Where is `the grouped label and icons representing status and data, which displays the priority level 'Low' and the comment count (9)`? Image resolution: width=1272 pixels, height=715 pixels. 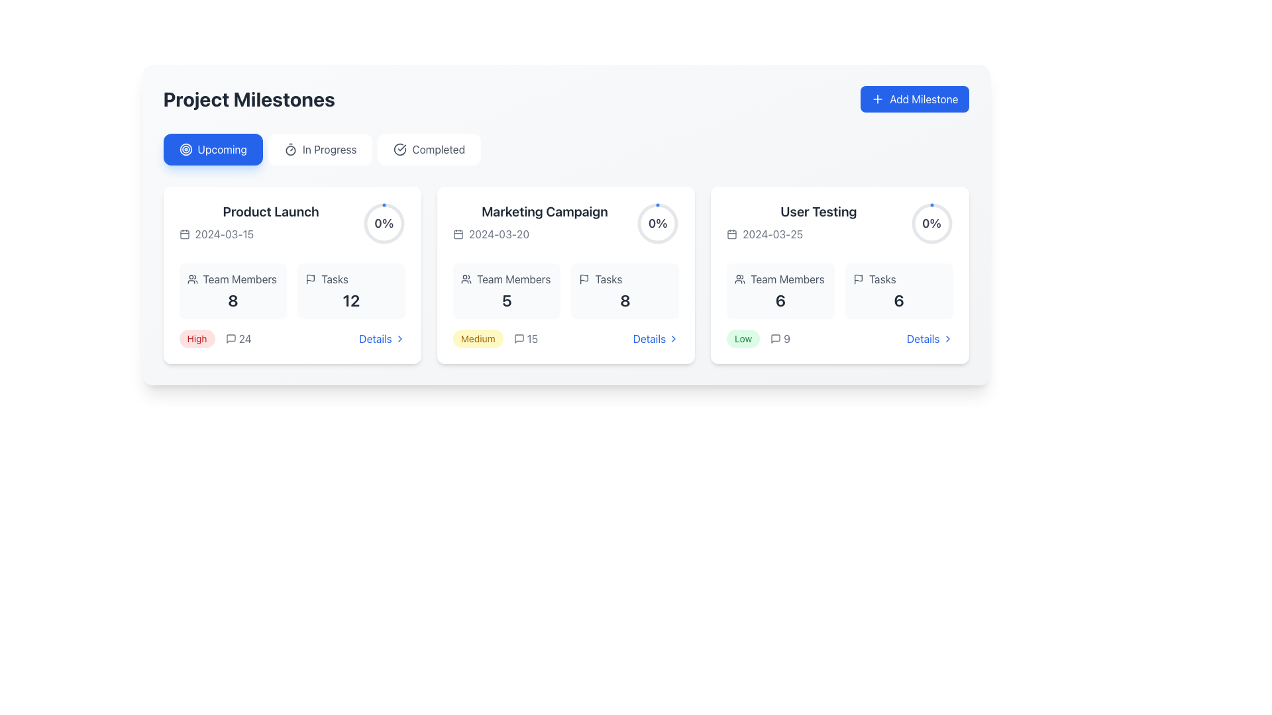 the grouped label and icons representing status and data, which displays the priority level 'Low' and the comment count (9) is located at coordinates (759, 338).